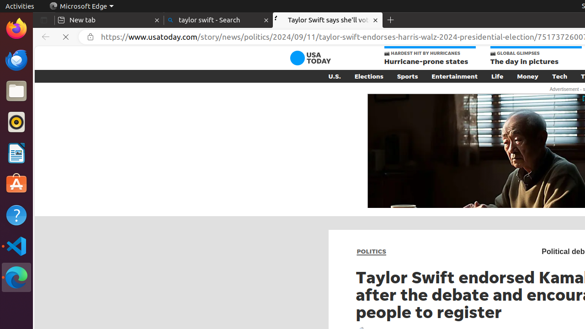 The height and width of the screenshot is (329, 585). What do you see at coordinates (65, 37) in the screenshot?
I see `'Refresh'` at bounding box center [65, 37].